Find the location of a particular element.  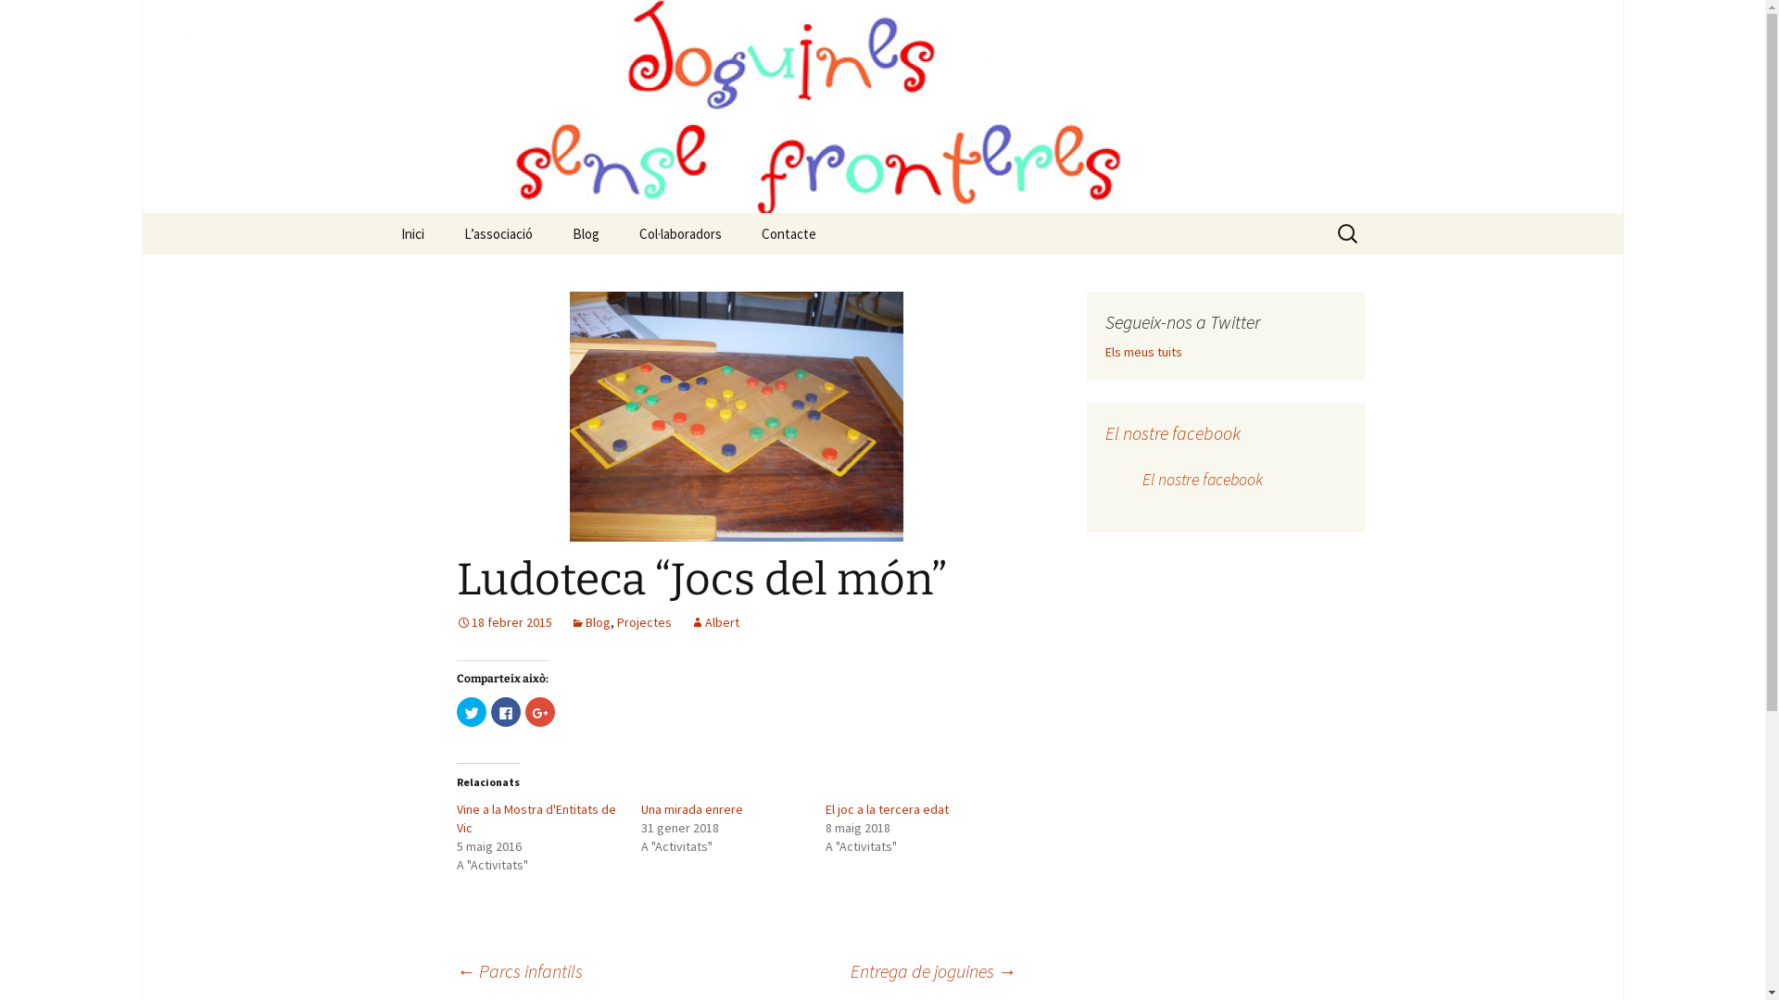

'Vine a la Mostra d'Entitats de Vic' is located at coordinates (534, 817).